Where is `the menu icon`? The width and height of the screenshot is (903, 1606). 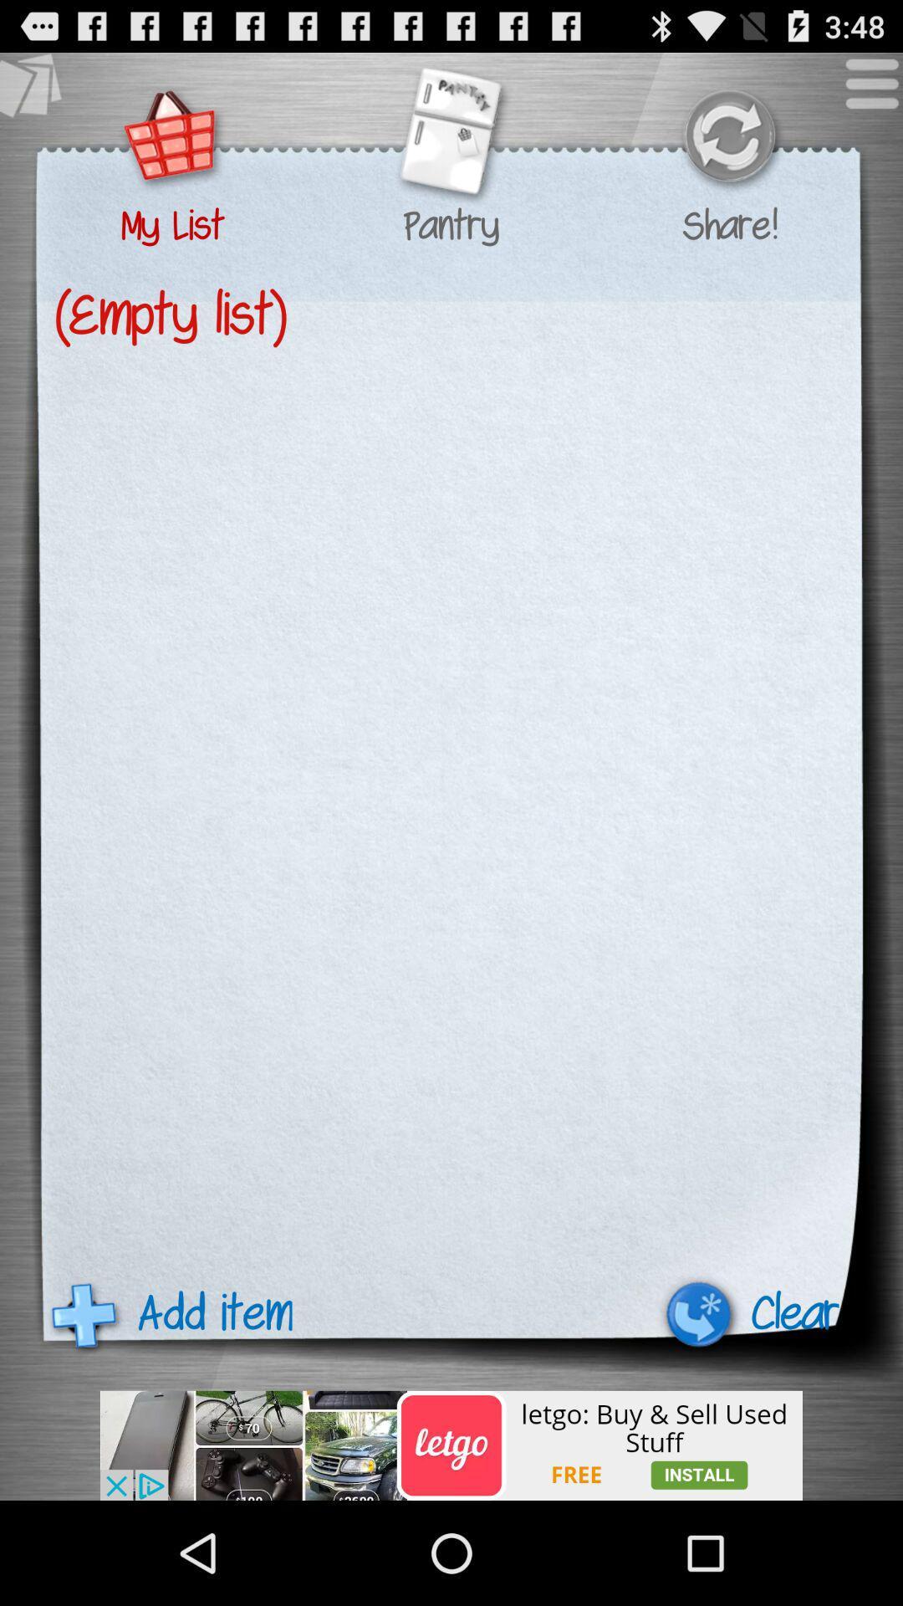
the menu icon is located at coordinates (863, 98).